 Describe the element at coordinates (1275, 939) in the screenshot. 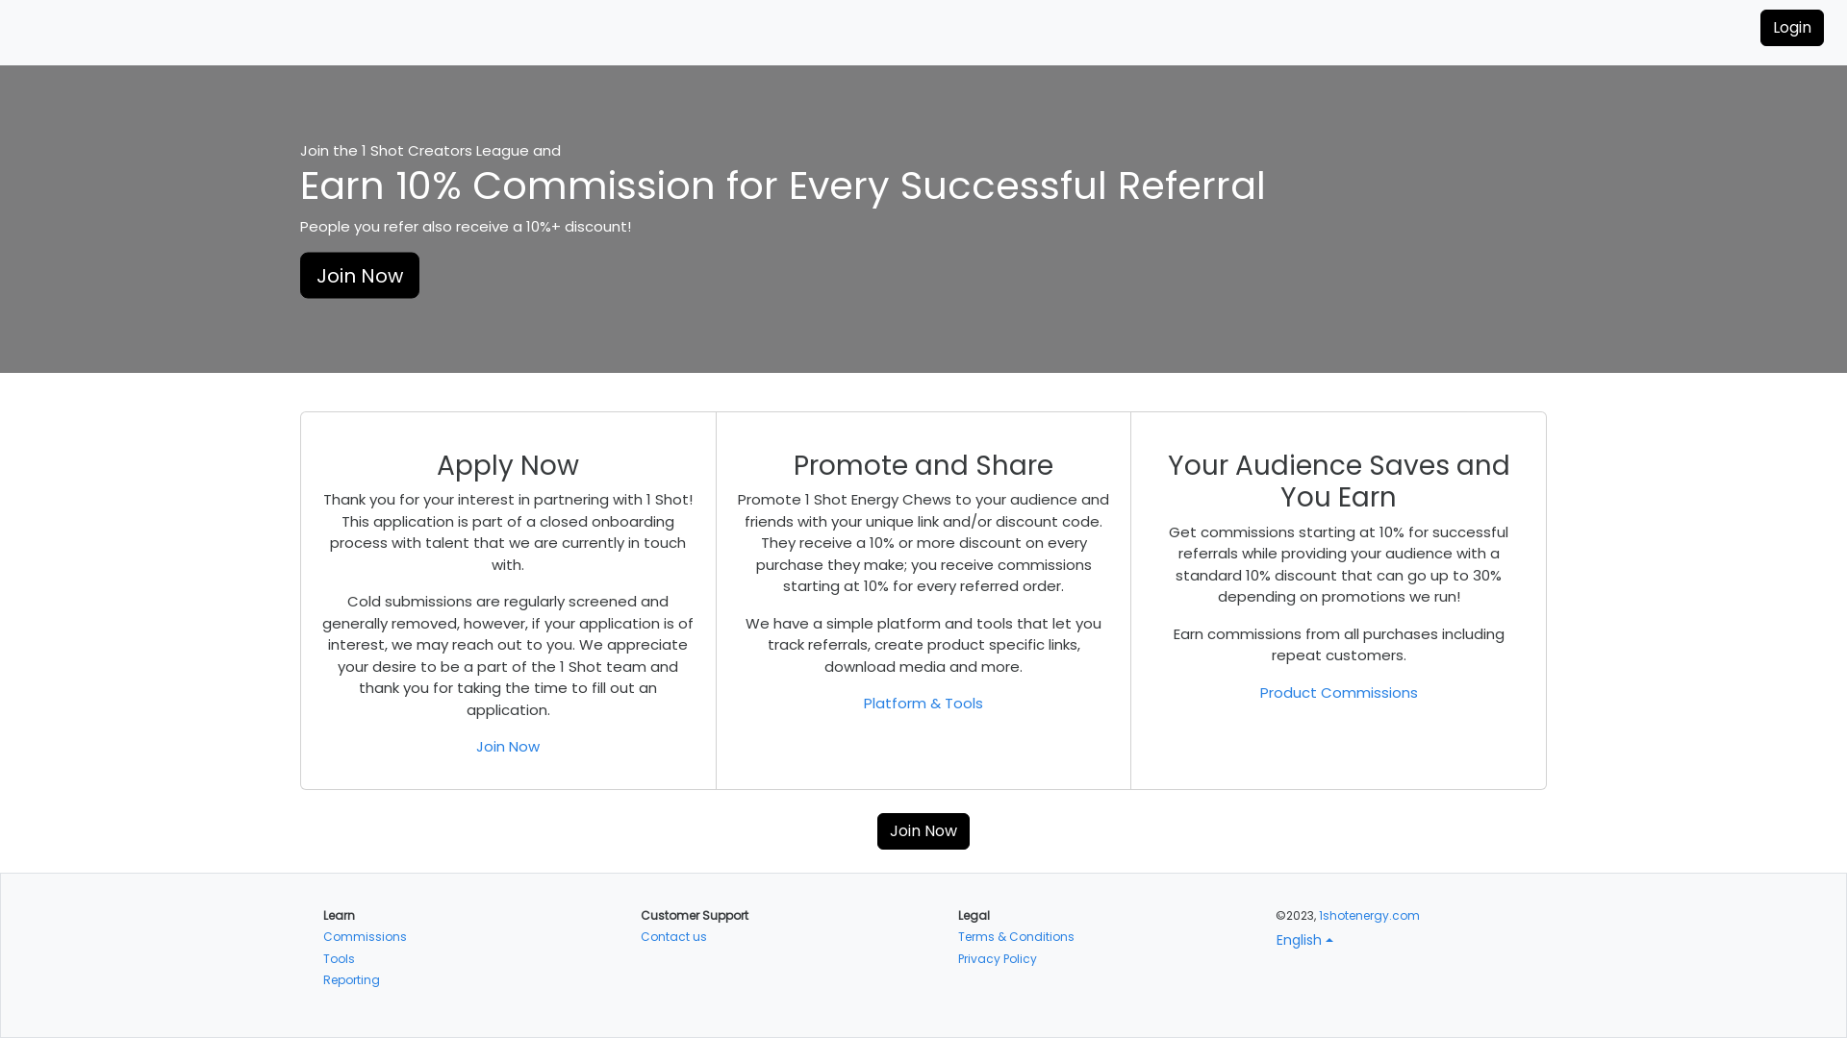

I see `'English'` at that location.